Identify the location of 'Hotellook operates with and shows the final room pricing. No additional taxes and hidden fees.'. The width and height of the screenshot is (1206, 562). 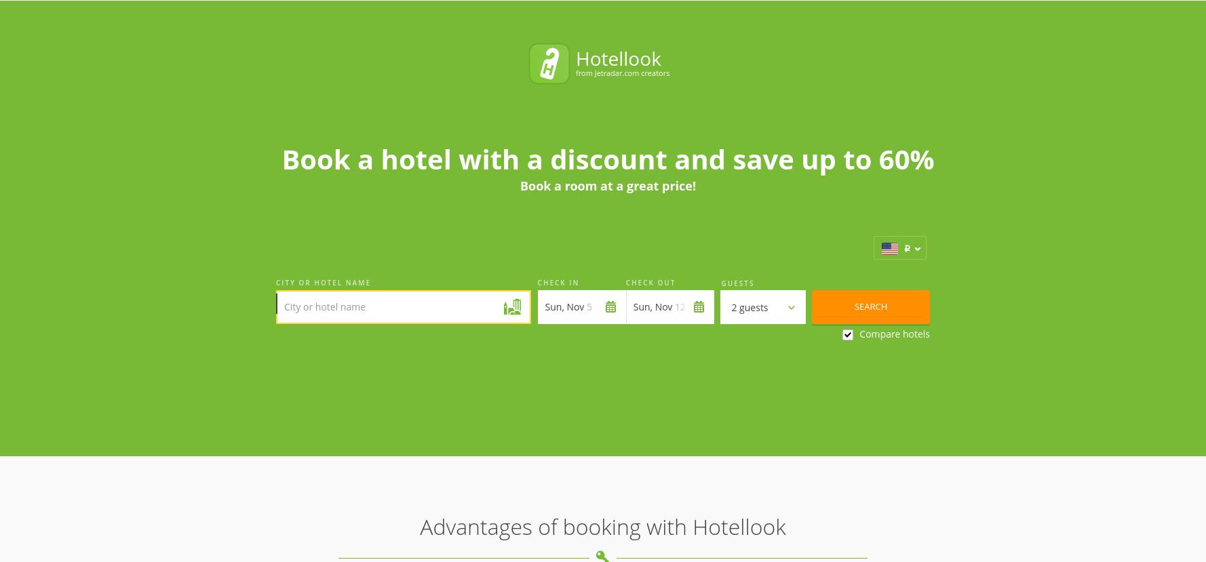
(459, 383).